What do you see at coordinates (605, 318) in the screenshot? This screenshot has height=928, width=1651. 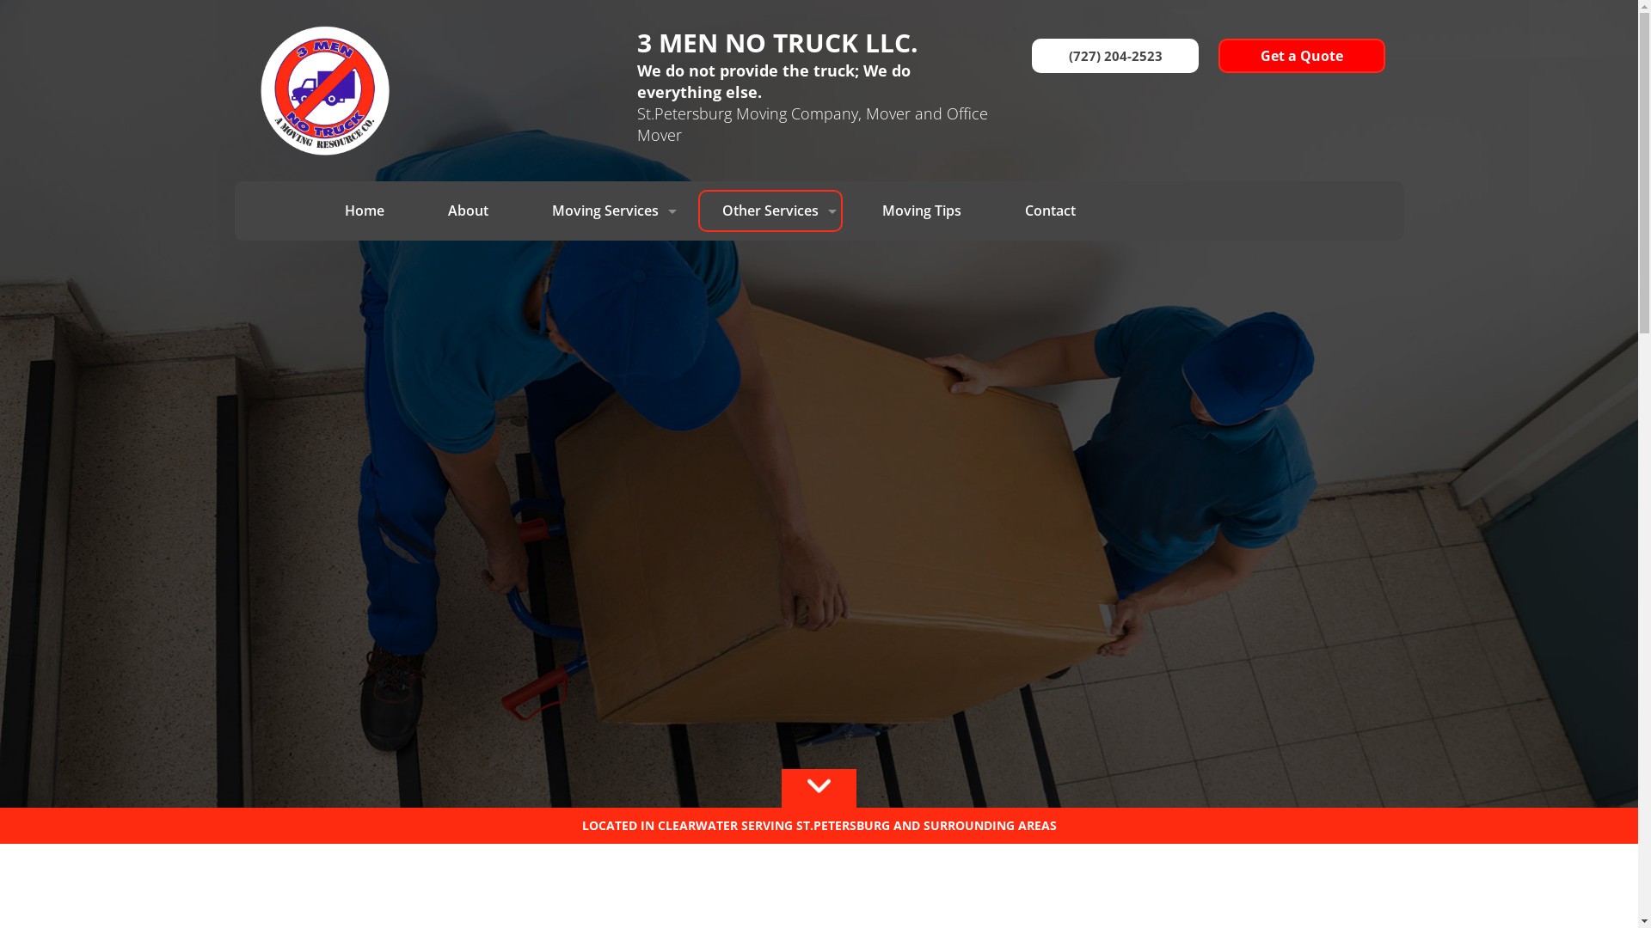 I see `'Local Moves'` at bounding box center [605, 318].